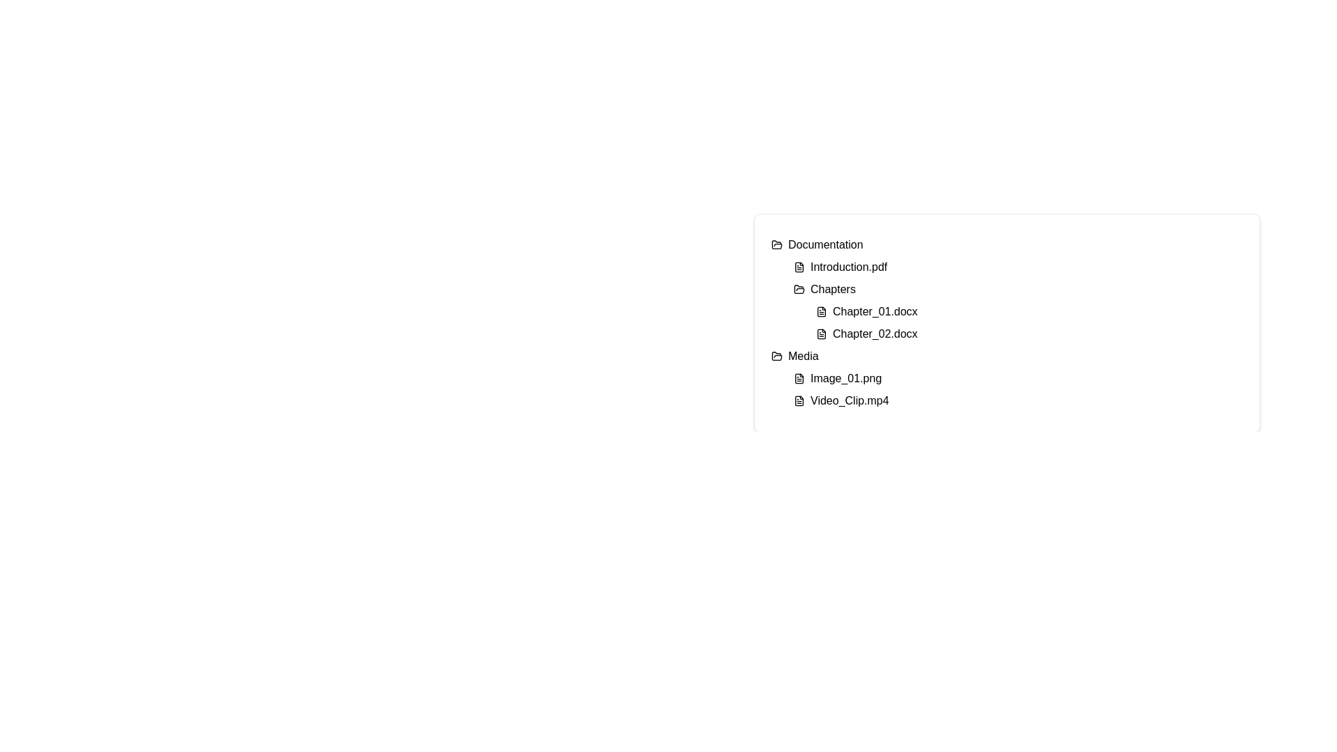 Image resolution: width=1337 pixels, height=752 pixels. Describe the element at coordinates (799, 400) in the screenshot. I see `the document icon vector graphic located in the right panel of the file structure interface` at that location.